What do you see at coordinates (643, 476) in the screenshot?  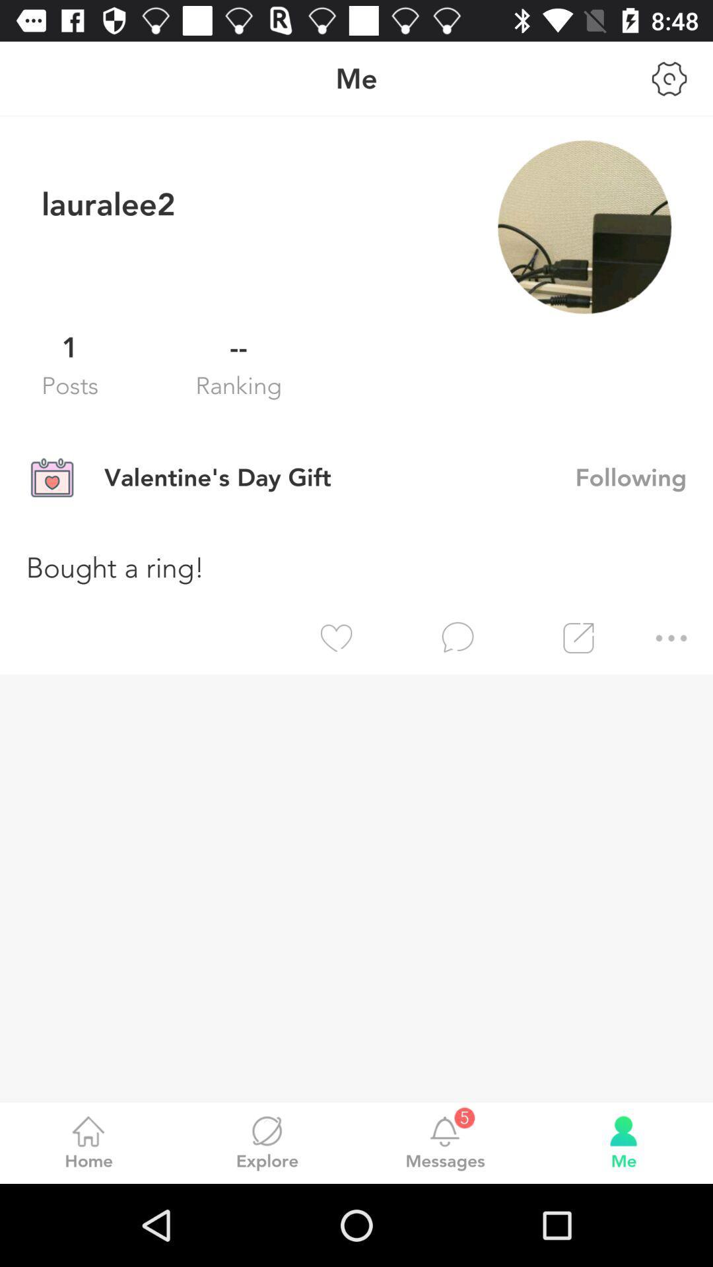 I see `the icon next to valentine s day` at bounding box center [643, 476].